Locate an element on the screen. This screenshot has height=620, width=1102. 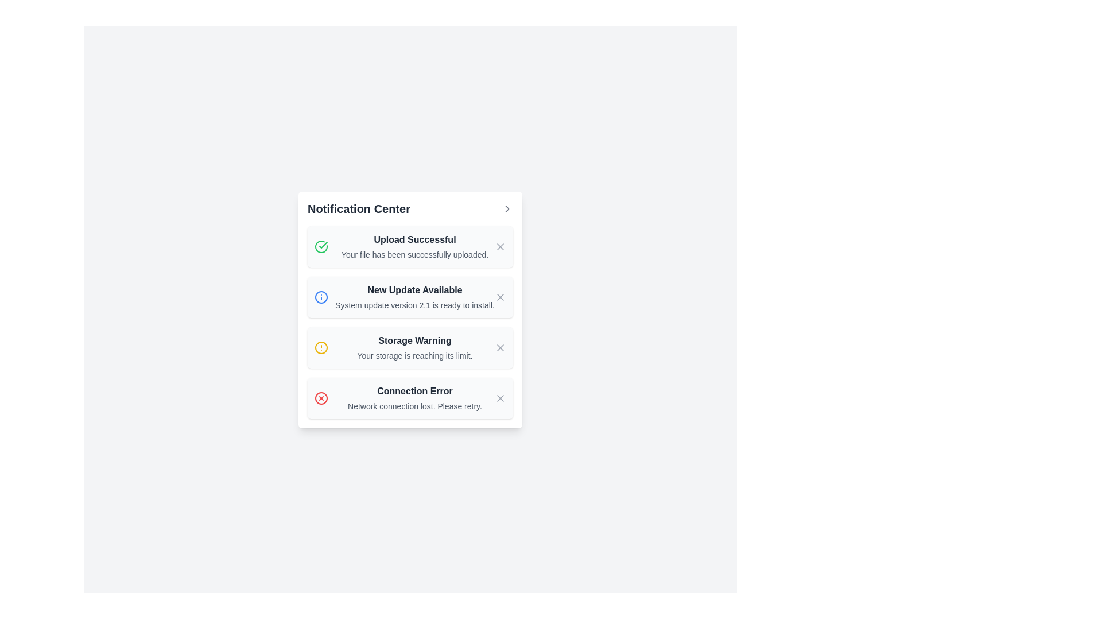
the decorative warning icon styled as a circular outline enclosing an exclamation mark, which is part of the third notification entry under 'Notification Center' indicating a storage warning is located at coordinates (321, 347).